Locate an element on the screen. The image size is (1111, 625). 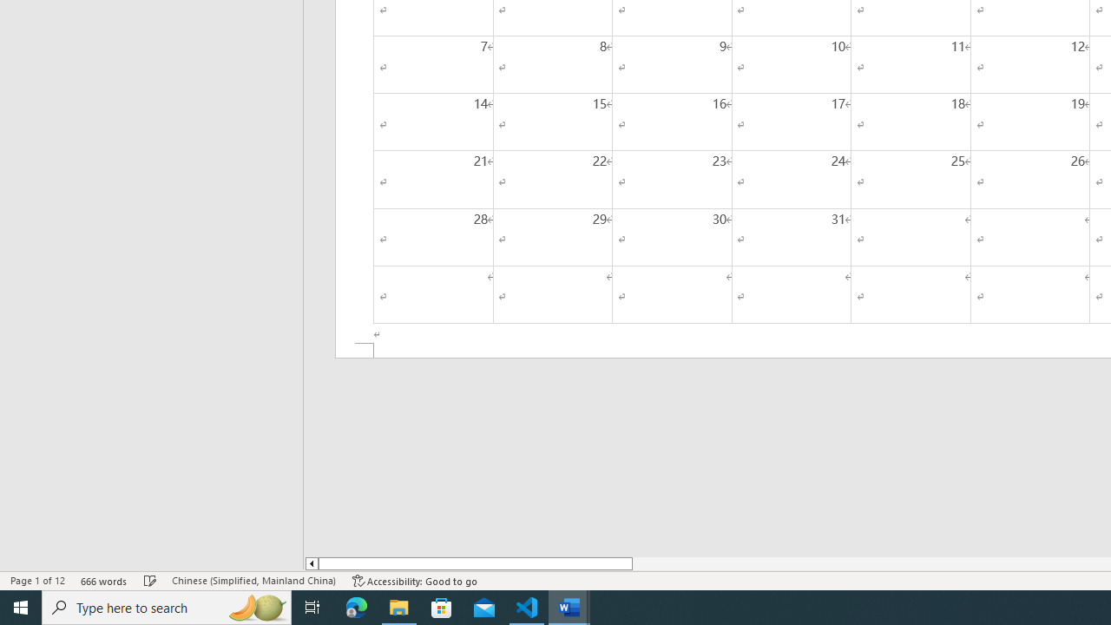
'Spelling and Grammar Check Checking' is located at coordinates (150, 581).